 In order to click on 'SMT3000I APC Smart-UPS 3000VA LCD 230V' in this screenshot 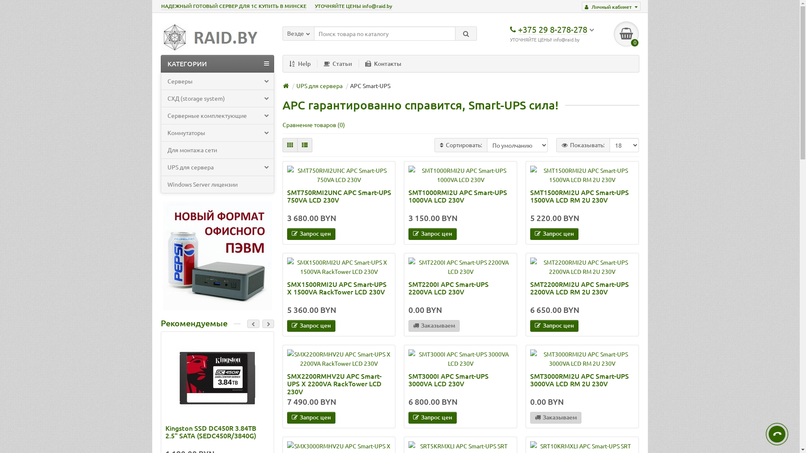, I will do `click(408, 359)`.